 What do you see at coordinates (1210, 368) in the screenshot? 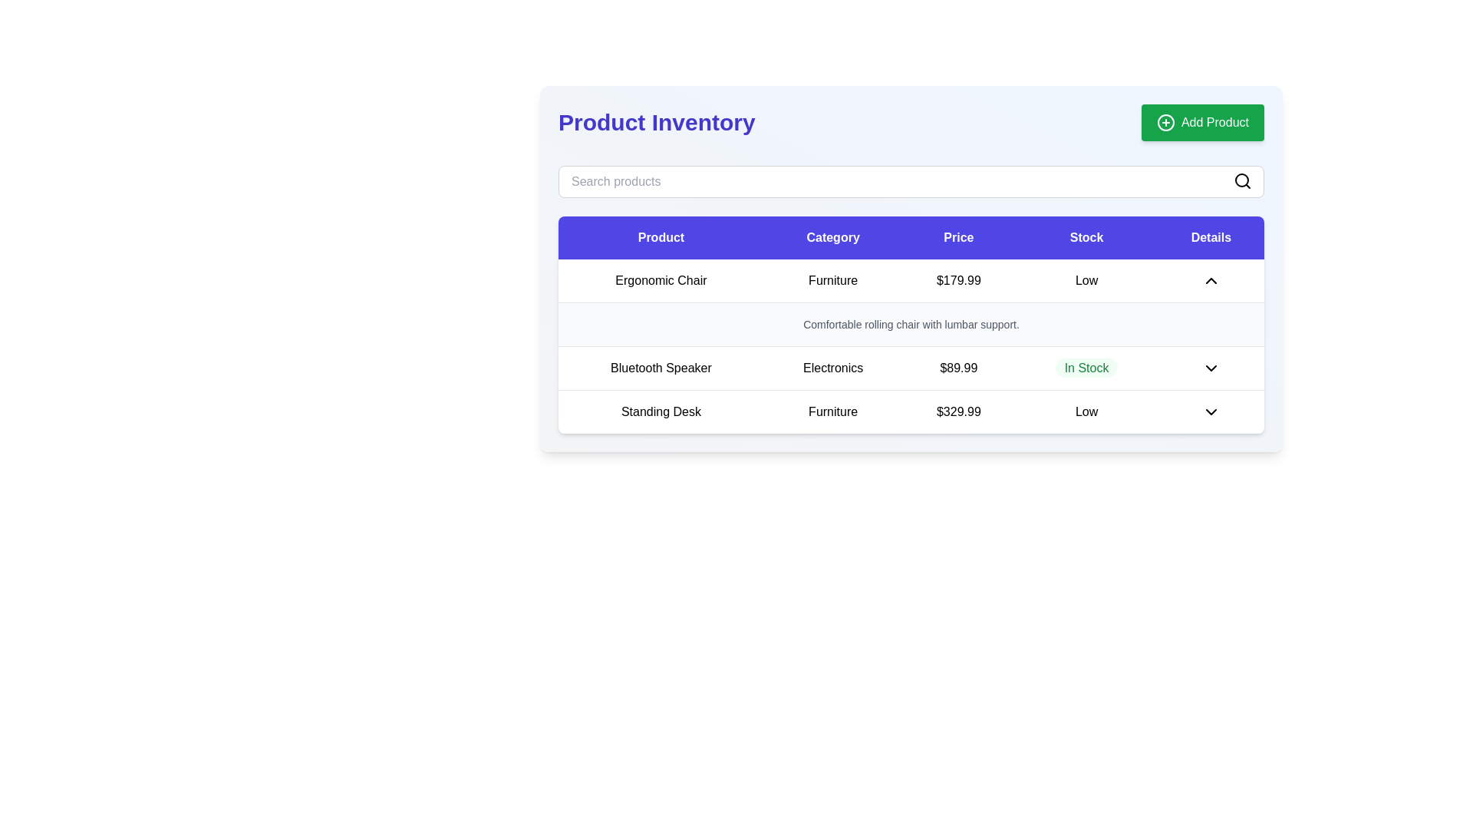
I see `the dropdown trigger icon located in the 'Details' column of the 'Bluetooth Speaker' row` at bounding box center [1210, 368].